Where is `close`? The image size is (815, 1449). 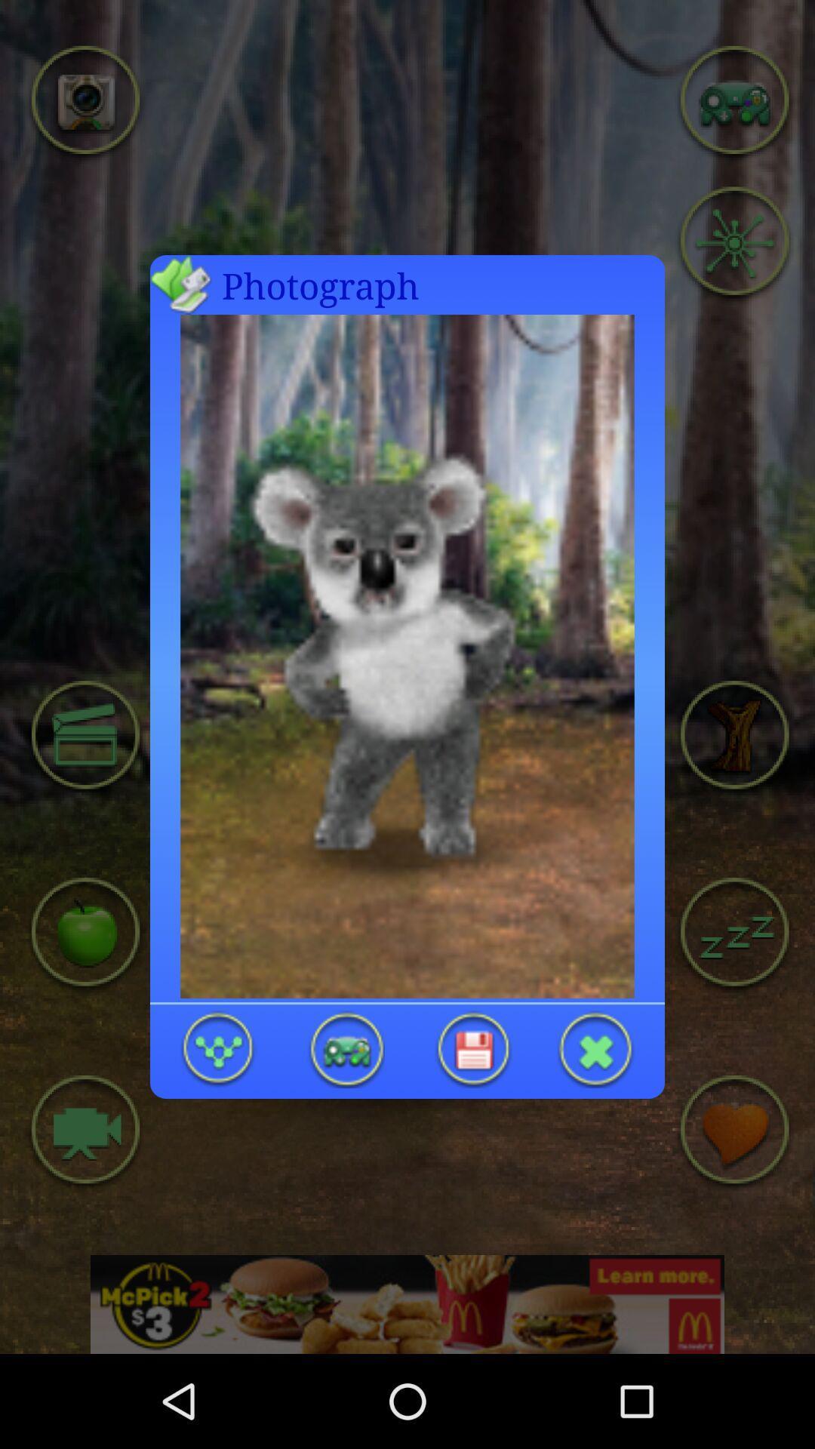 close is located at coordinates (595, 1048).